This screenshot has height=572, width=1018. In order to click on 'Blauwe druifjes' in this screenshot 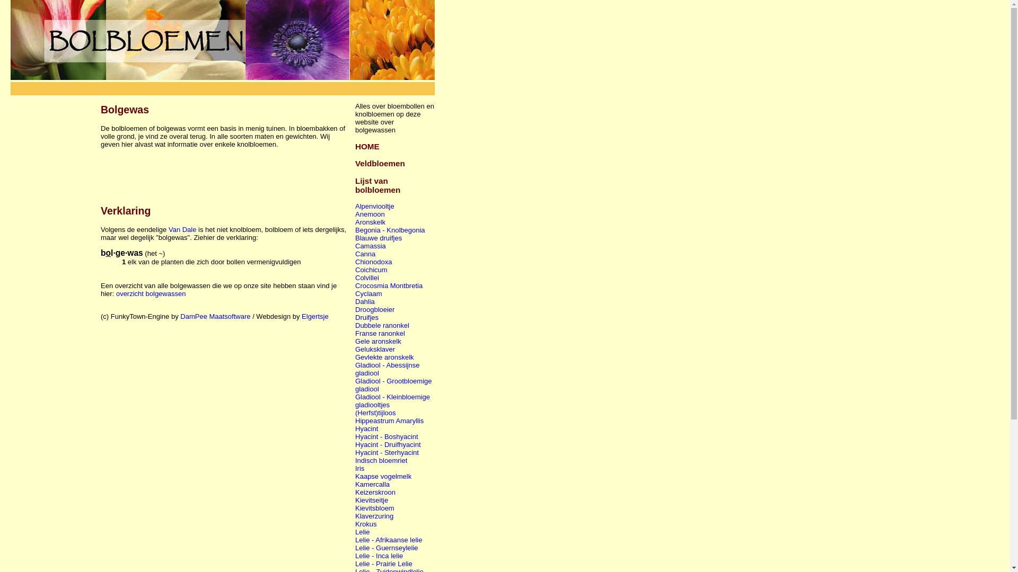, I will do `click(379, 237)`.